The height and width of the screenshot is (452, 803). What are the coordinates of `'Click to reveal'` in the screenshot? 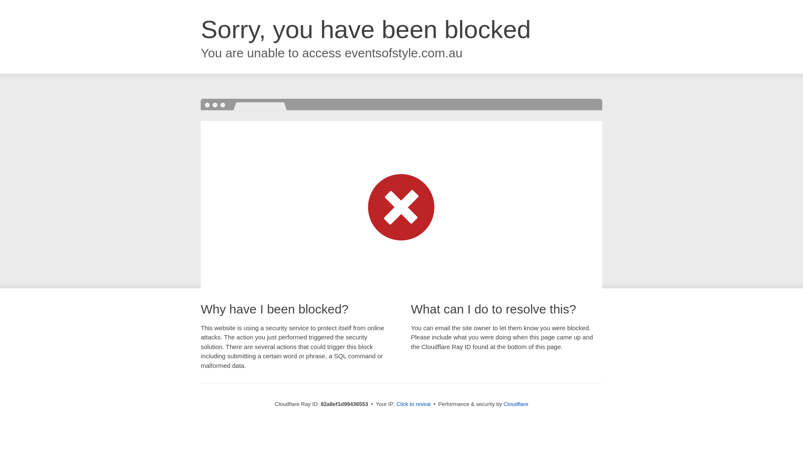 It's located at (413, 403).